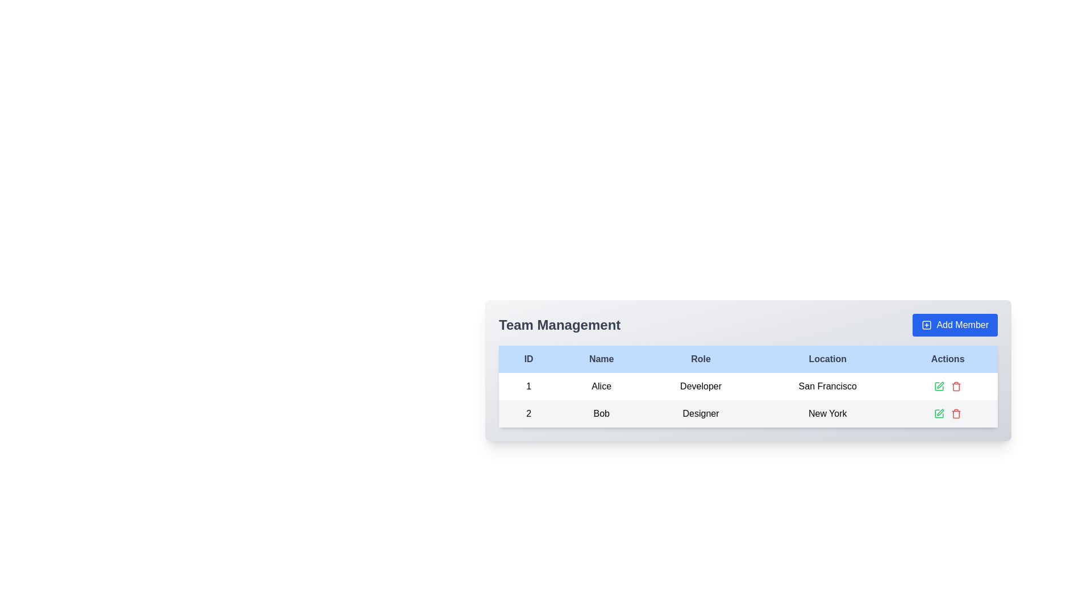 This screenshot has width=1091, height=614. I want to click on the 'Add Member' button located at the top-right corner of the 'Team Management' section, so click(955, 325).